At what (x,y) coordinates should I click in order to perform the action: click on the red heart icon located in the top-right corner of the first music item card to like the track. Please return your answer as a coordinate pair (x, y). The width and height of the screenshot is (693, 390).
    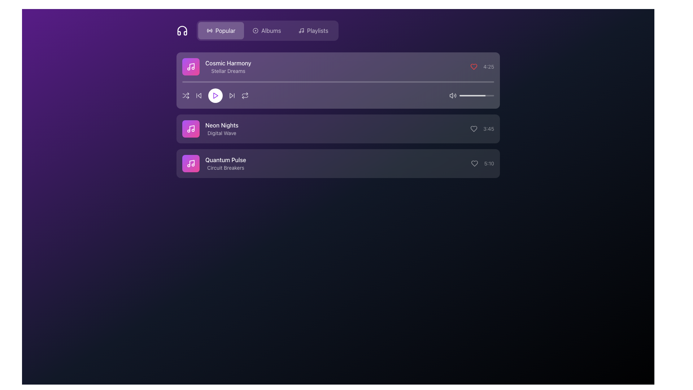
    Looking at the image, I should click on (482, 67).